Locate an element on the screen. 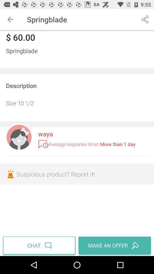 This screenshot has height=274, width=154. the avatar icon is located at coordinates (19, 136).